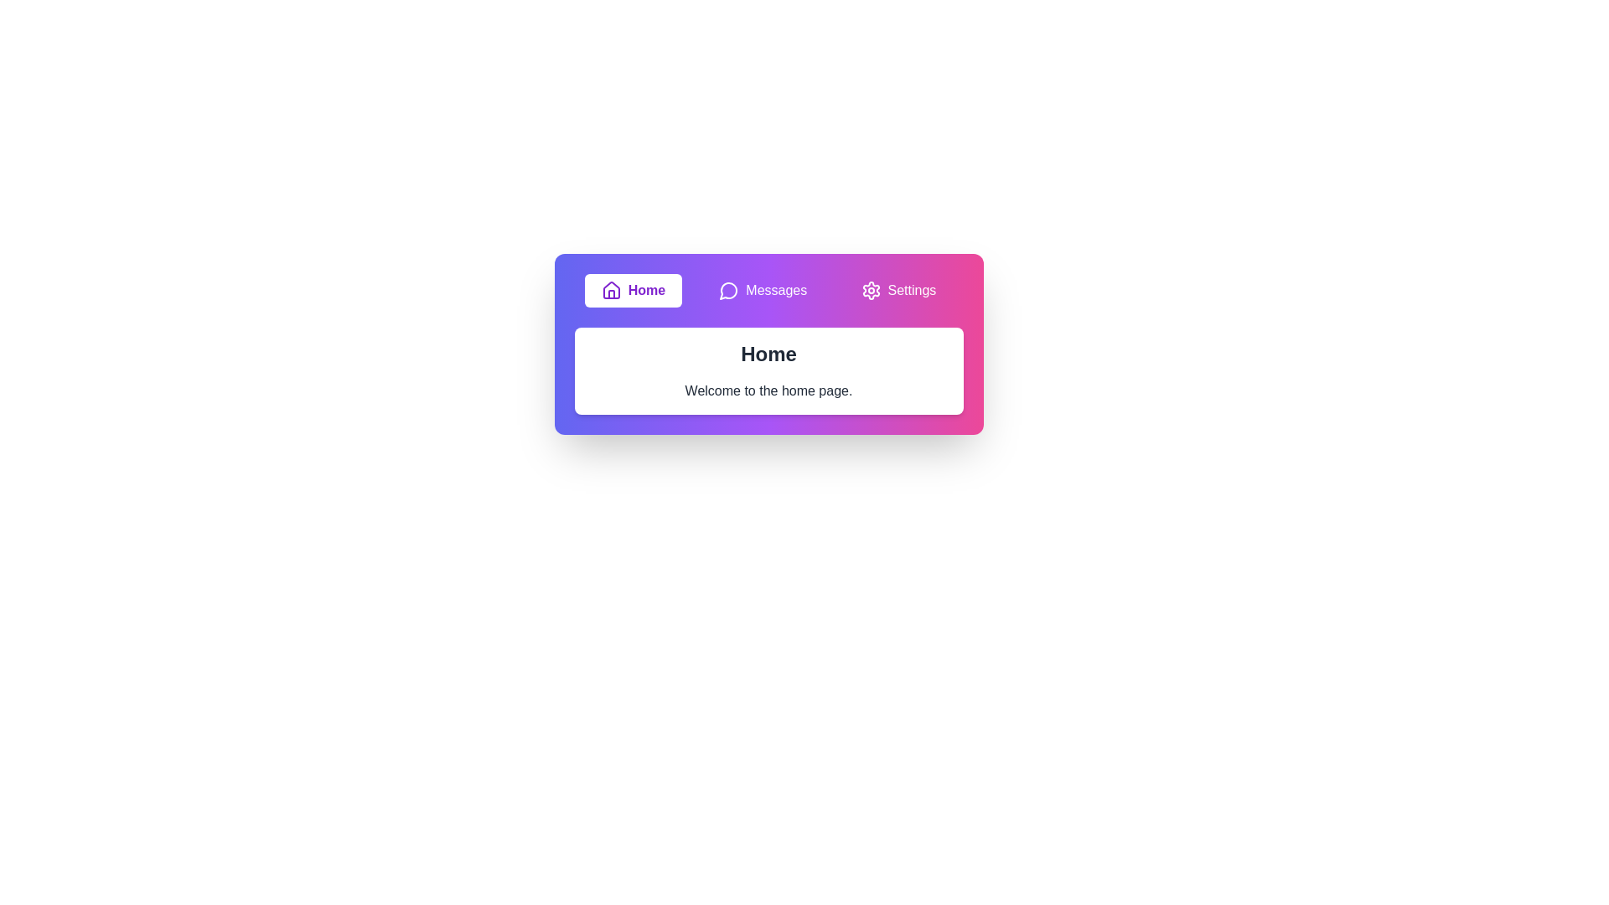  Describe the element at coordinates (762, 290) in the screenshot. I see `the navigational button located in the middle of the three buttons in the horizontal navigation bar` at that location.